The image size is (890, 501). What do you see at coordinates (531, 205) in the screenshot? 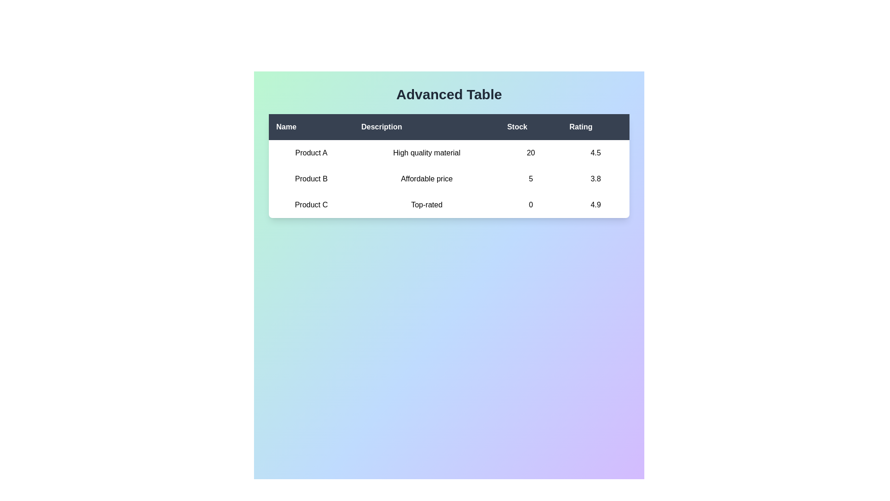
I see `stock quantity displayed in the Text label for 'Product C', which is located in the third row of the table under the 'Stock' column` at bounding box center [531, 205].